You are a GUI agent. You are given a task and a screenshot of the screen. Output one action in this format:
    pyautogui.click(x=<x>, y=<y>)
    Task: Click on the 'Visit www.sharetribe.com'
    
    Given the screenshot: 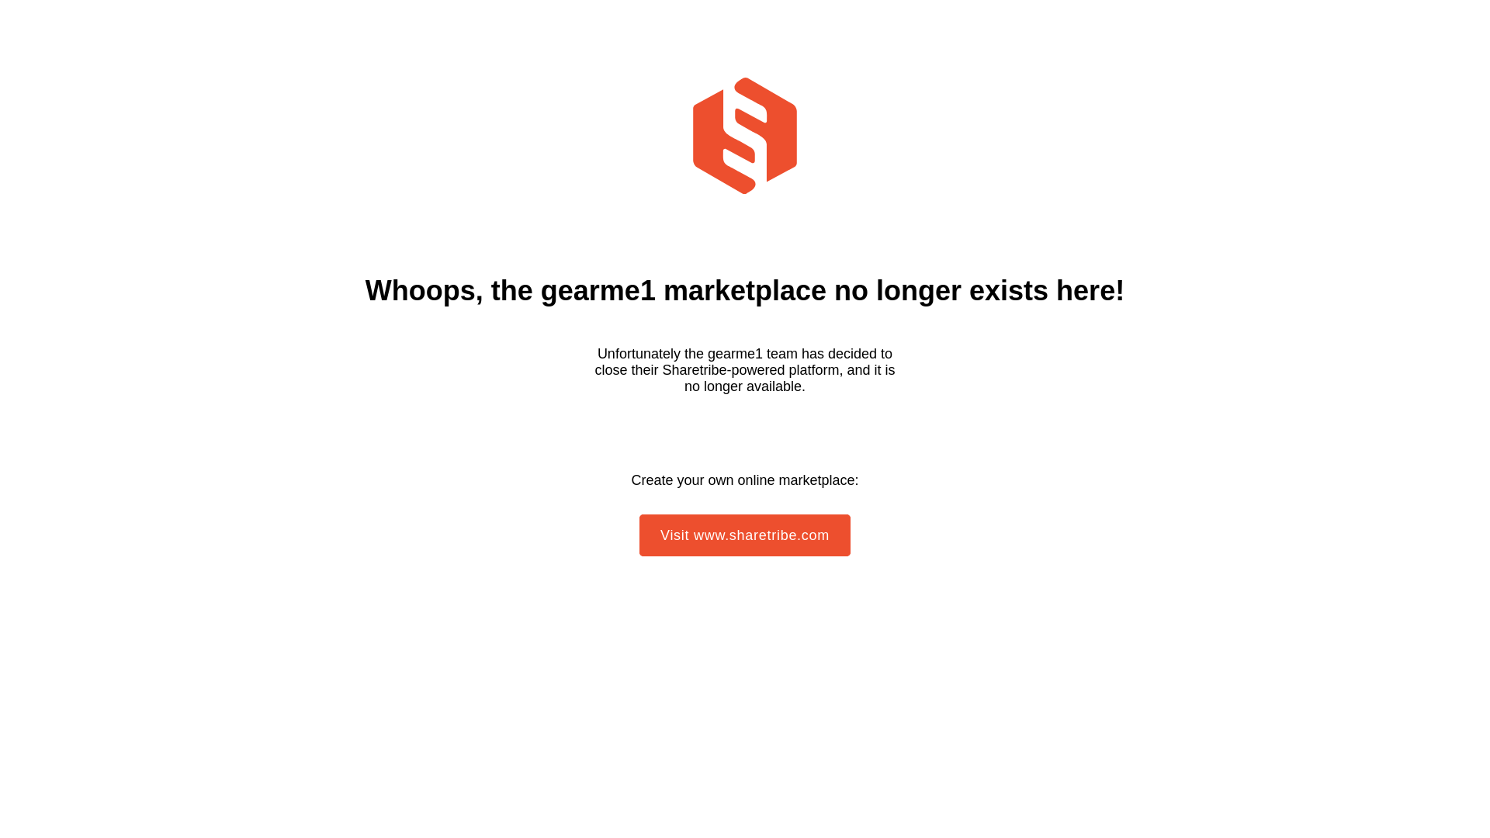 What is the action you would take?
    pyautogui.click(x=745, y=535)
    